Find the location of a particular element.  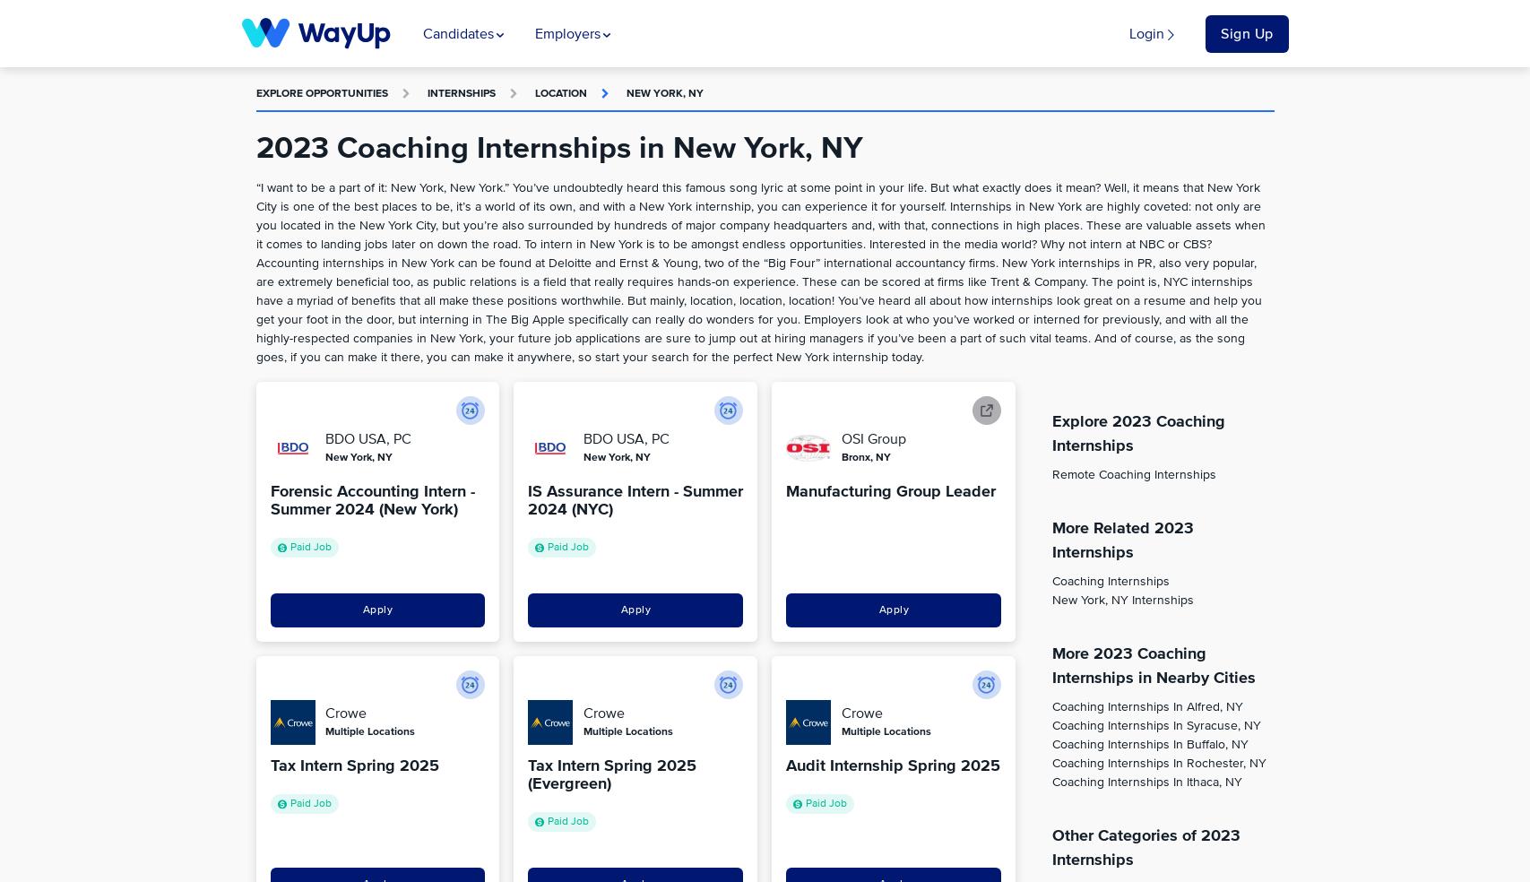

'Explore 2023 Coaching Internships' is located at coordinates (1137, 434).